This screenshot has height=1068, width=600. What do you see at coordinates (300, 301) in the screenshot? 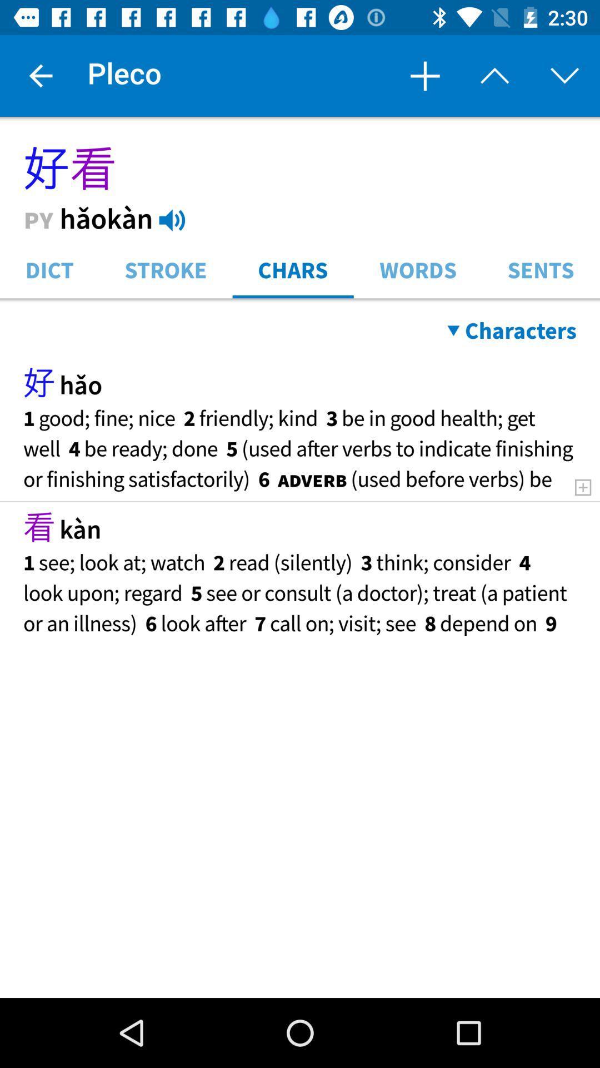
I see `the item below the dict item` at bounding box center [300, 301].